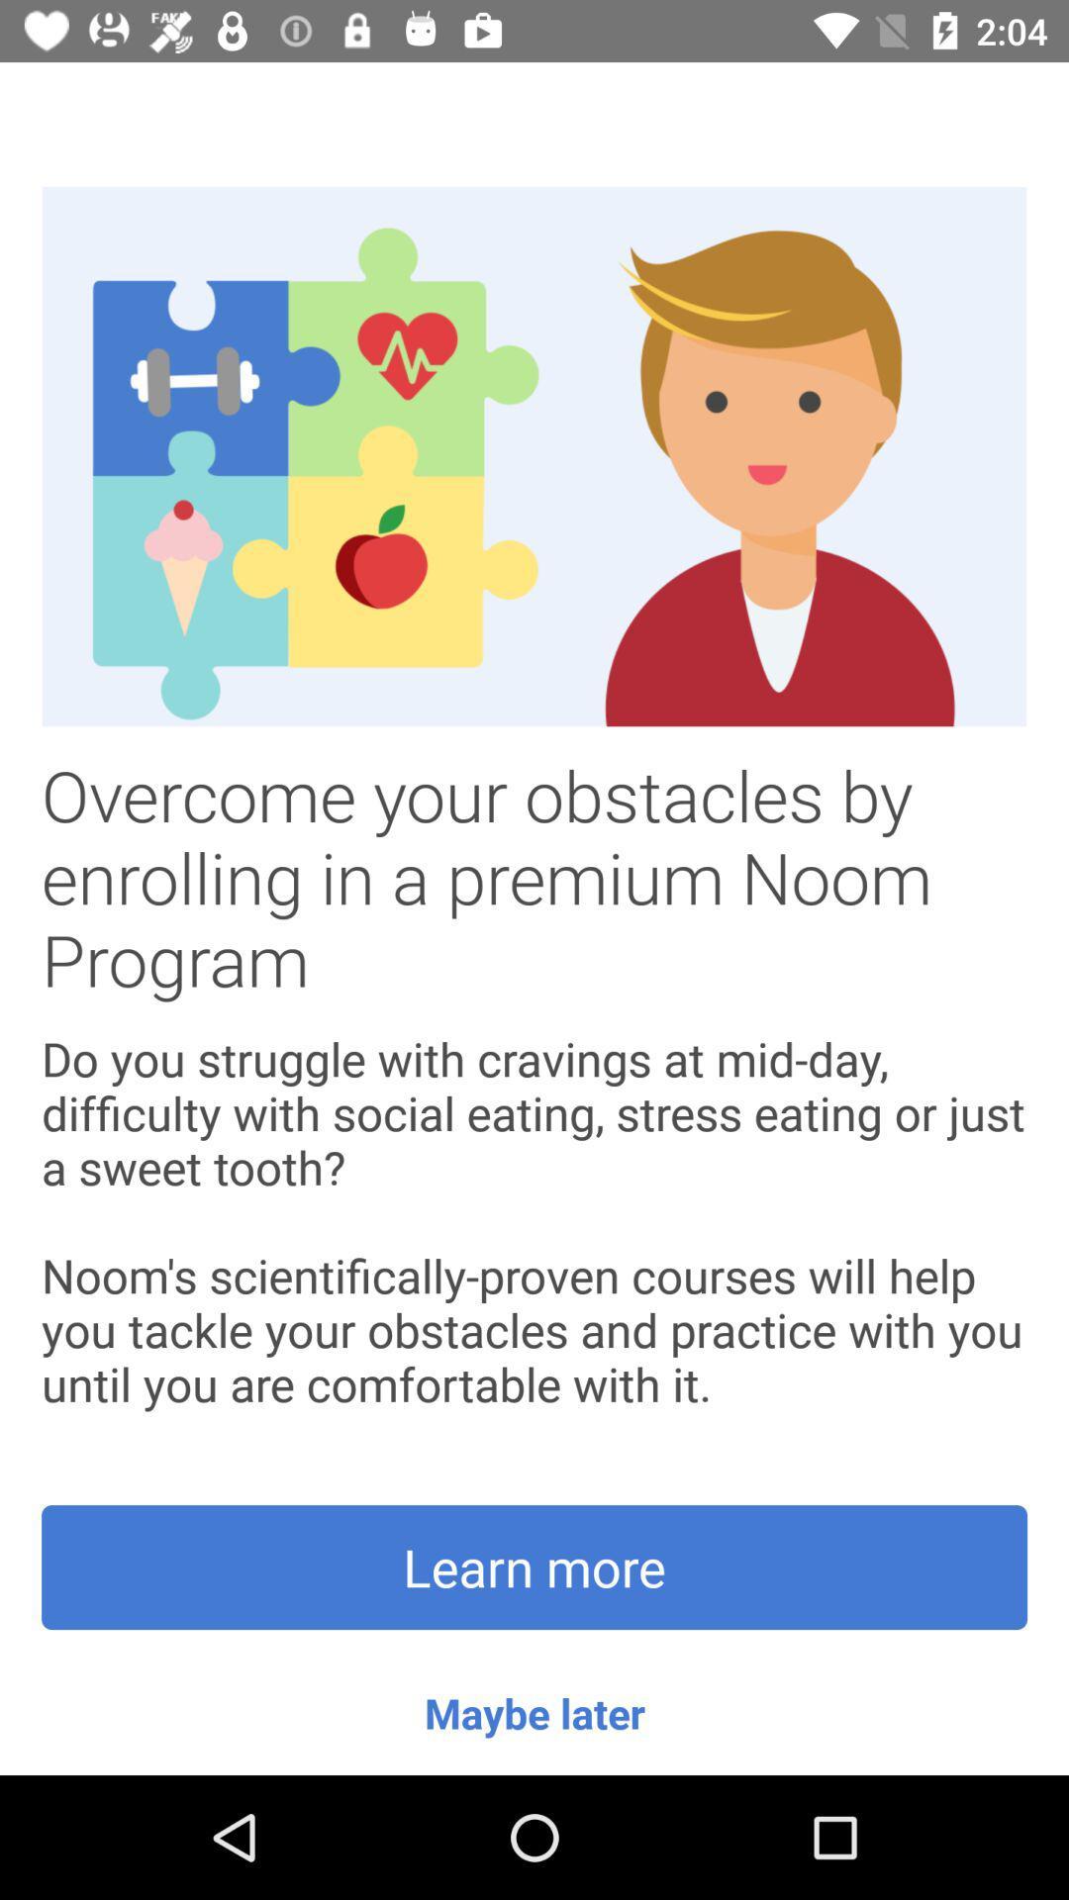  Describe the element at coordinates (534, 1567) in the screenshot. I see `learn more` at that location.